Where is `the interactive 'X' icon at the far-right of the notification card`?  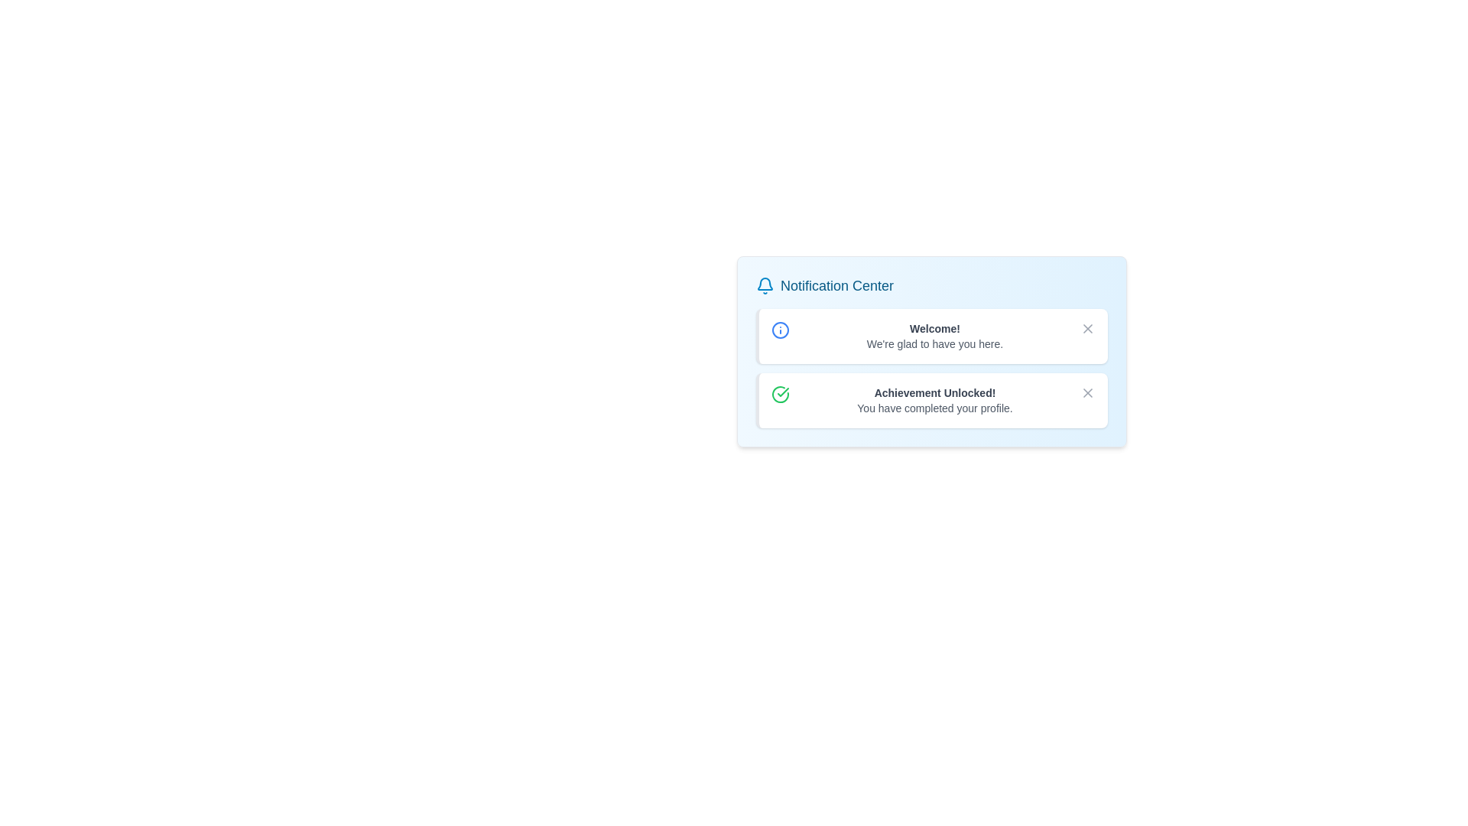 the interactive 'X' icon at the far-right of the notification card is located at coordinates (1086, 392).